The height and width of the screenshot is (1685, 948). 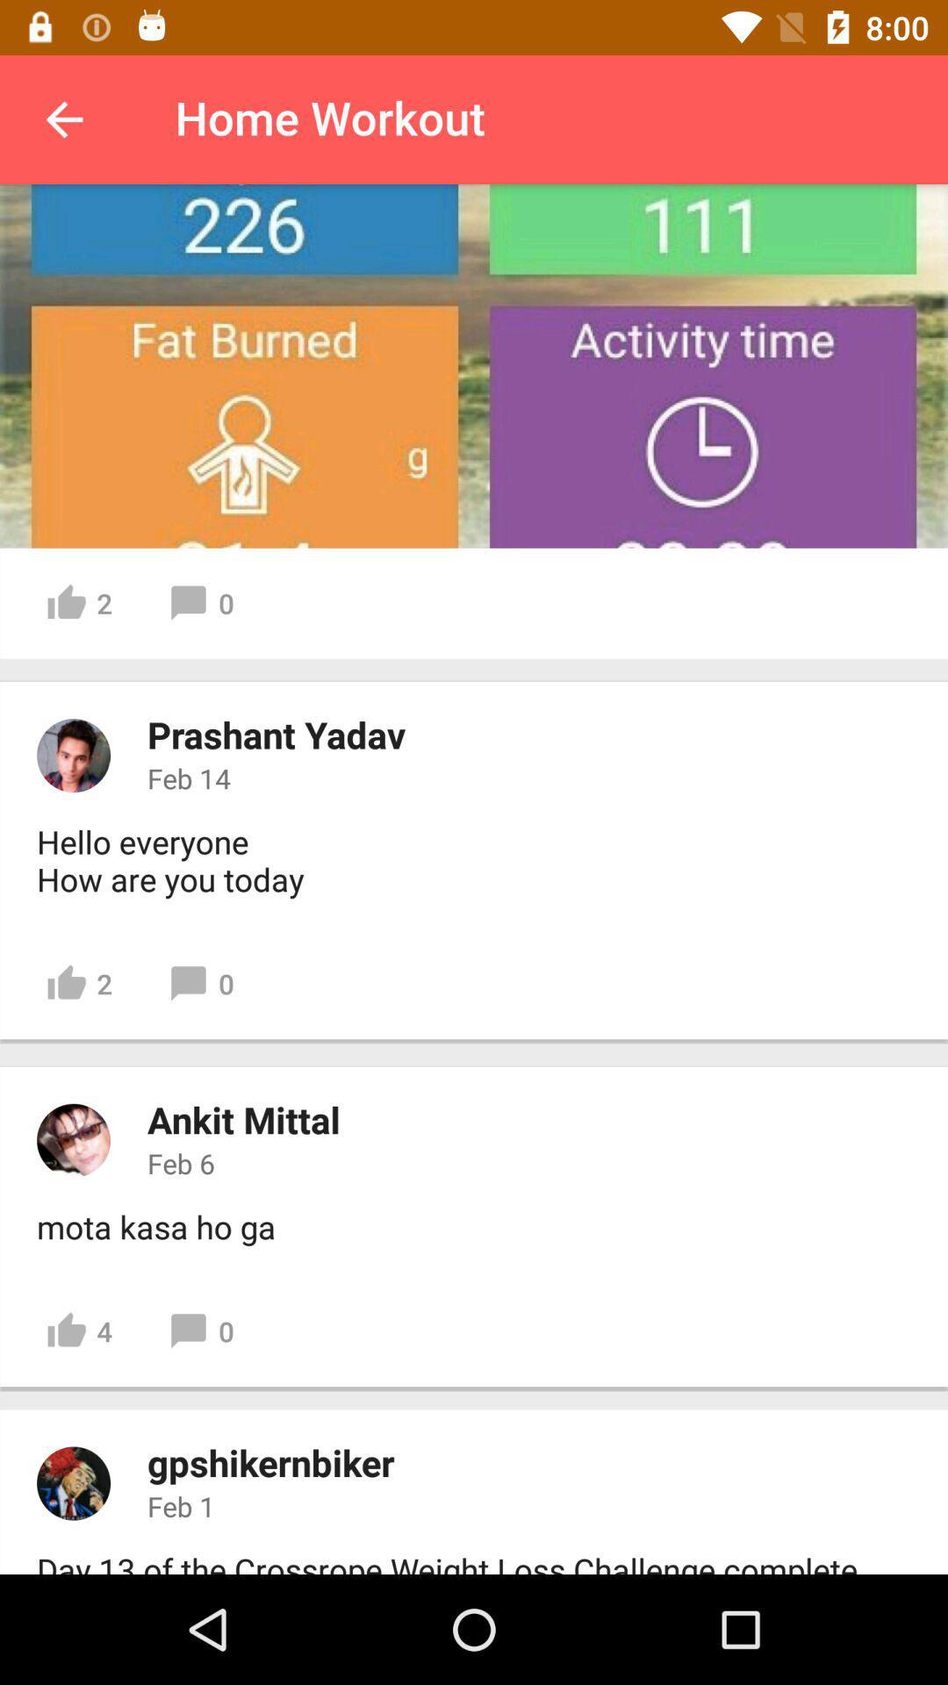 I want to click on the item below the 2 item, so click(x=243, y=1118).